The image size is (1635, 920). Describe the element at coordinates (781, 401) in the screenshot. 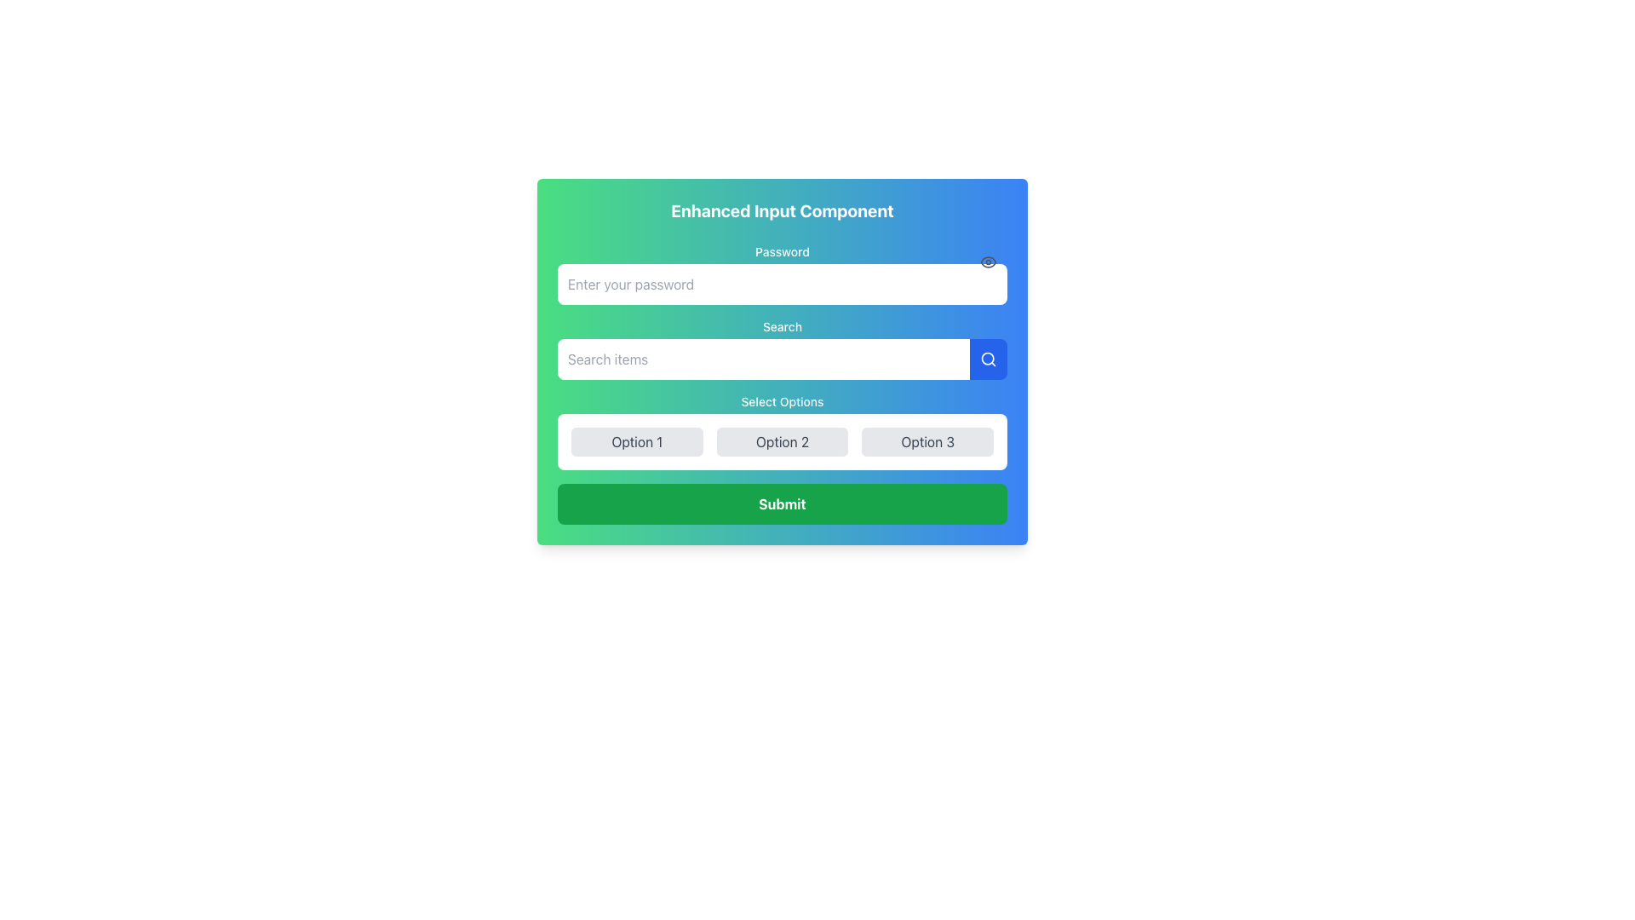

I see `the 'Select Options' text label, which is a white, medium-sized font label centered below a search input field and above three buttons` at that location.